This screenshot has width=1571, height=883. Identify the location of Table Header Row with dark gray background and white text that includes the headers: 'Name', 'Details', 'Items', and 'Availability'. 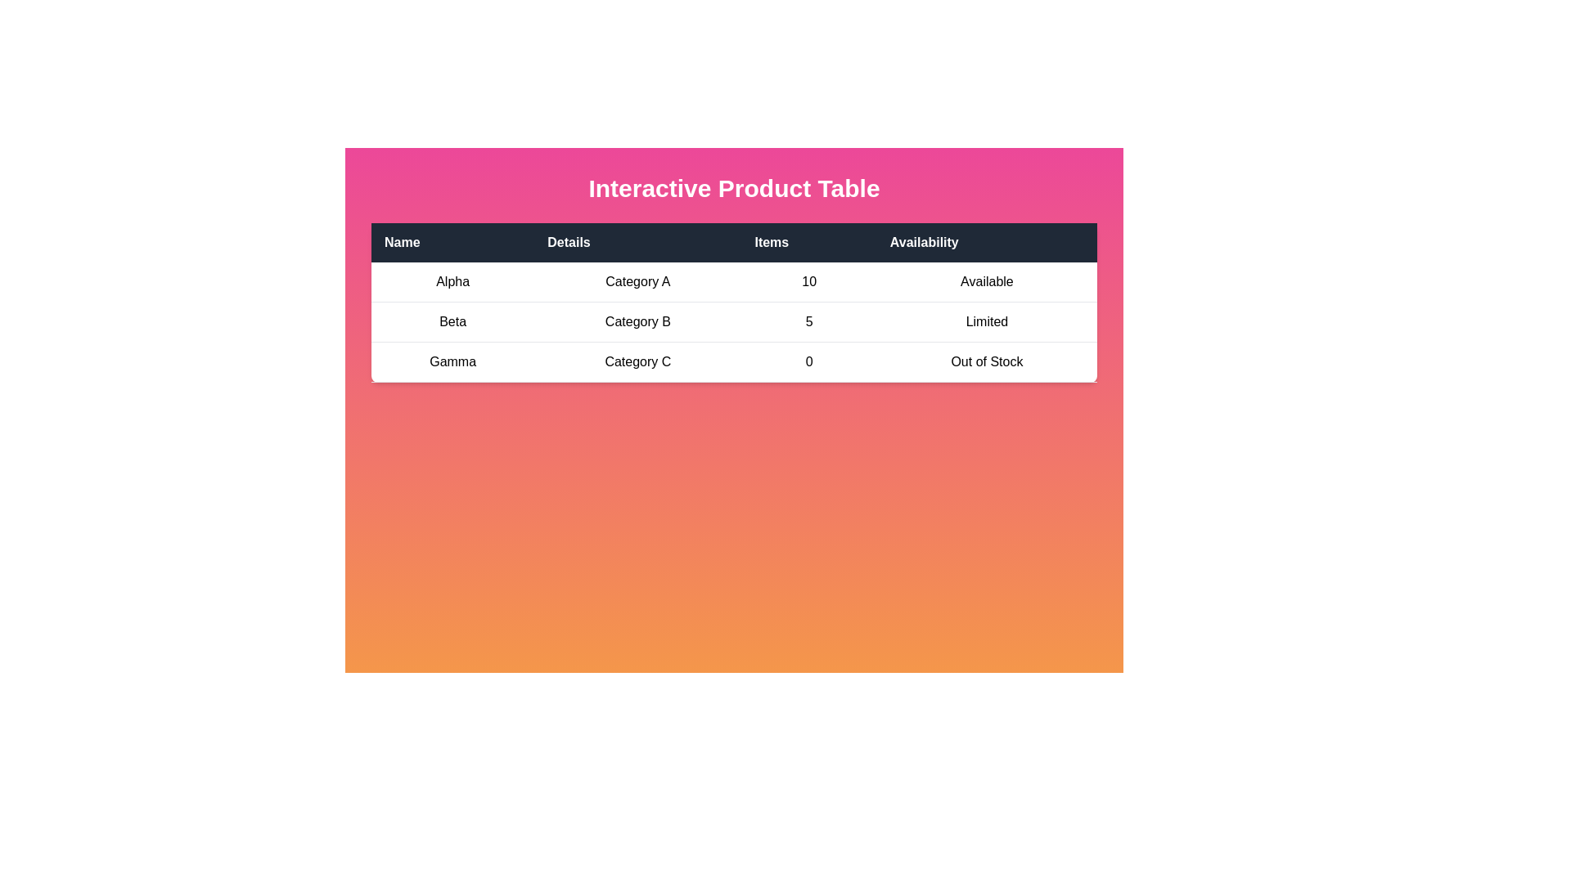
(733, 243).